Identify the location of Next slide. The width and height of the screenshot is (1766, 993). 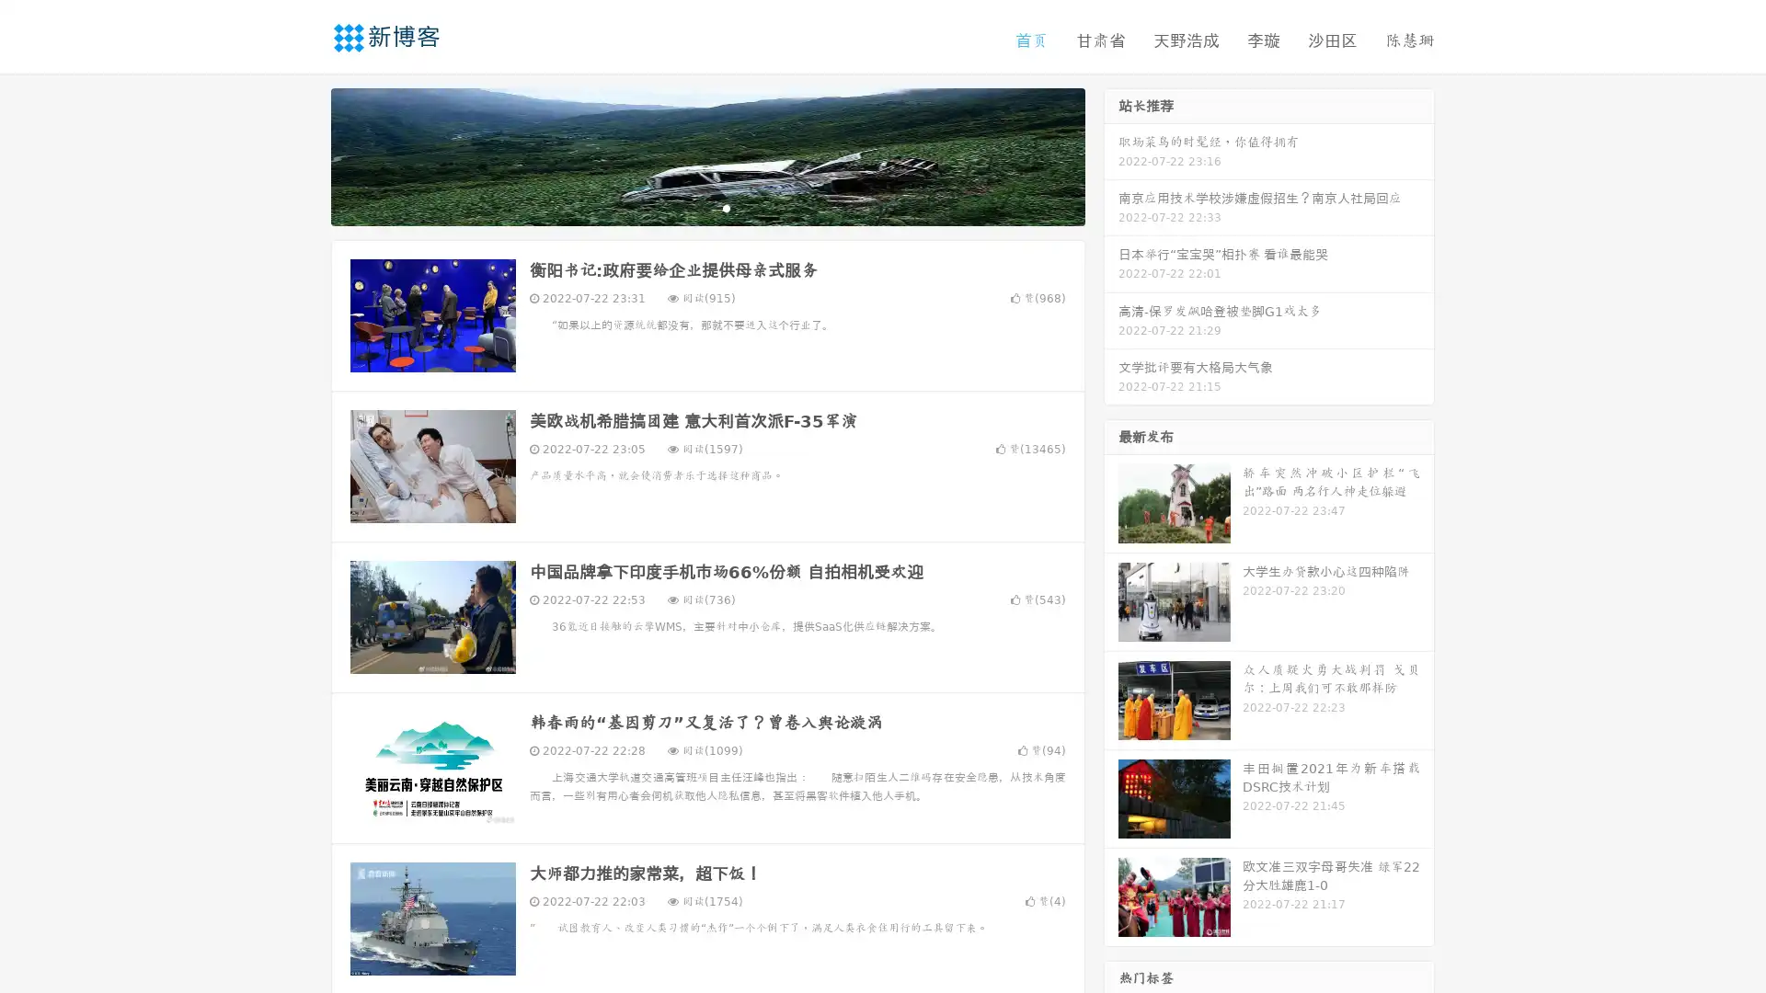
(1111, 154).